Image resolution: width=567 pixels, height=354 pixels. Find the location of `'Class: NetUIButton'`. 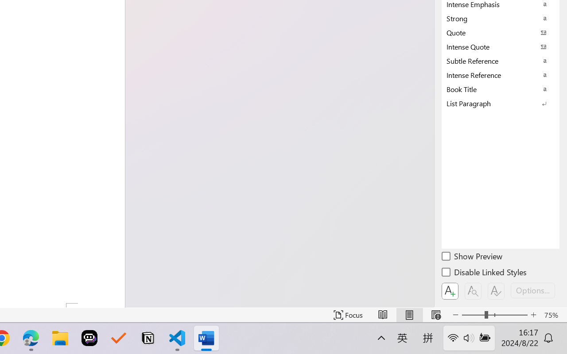

'Class: NetUIButton' is located at coordinates (496, 291).